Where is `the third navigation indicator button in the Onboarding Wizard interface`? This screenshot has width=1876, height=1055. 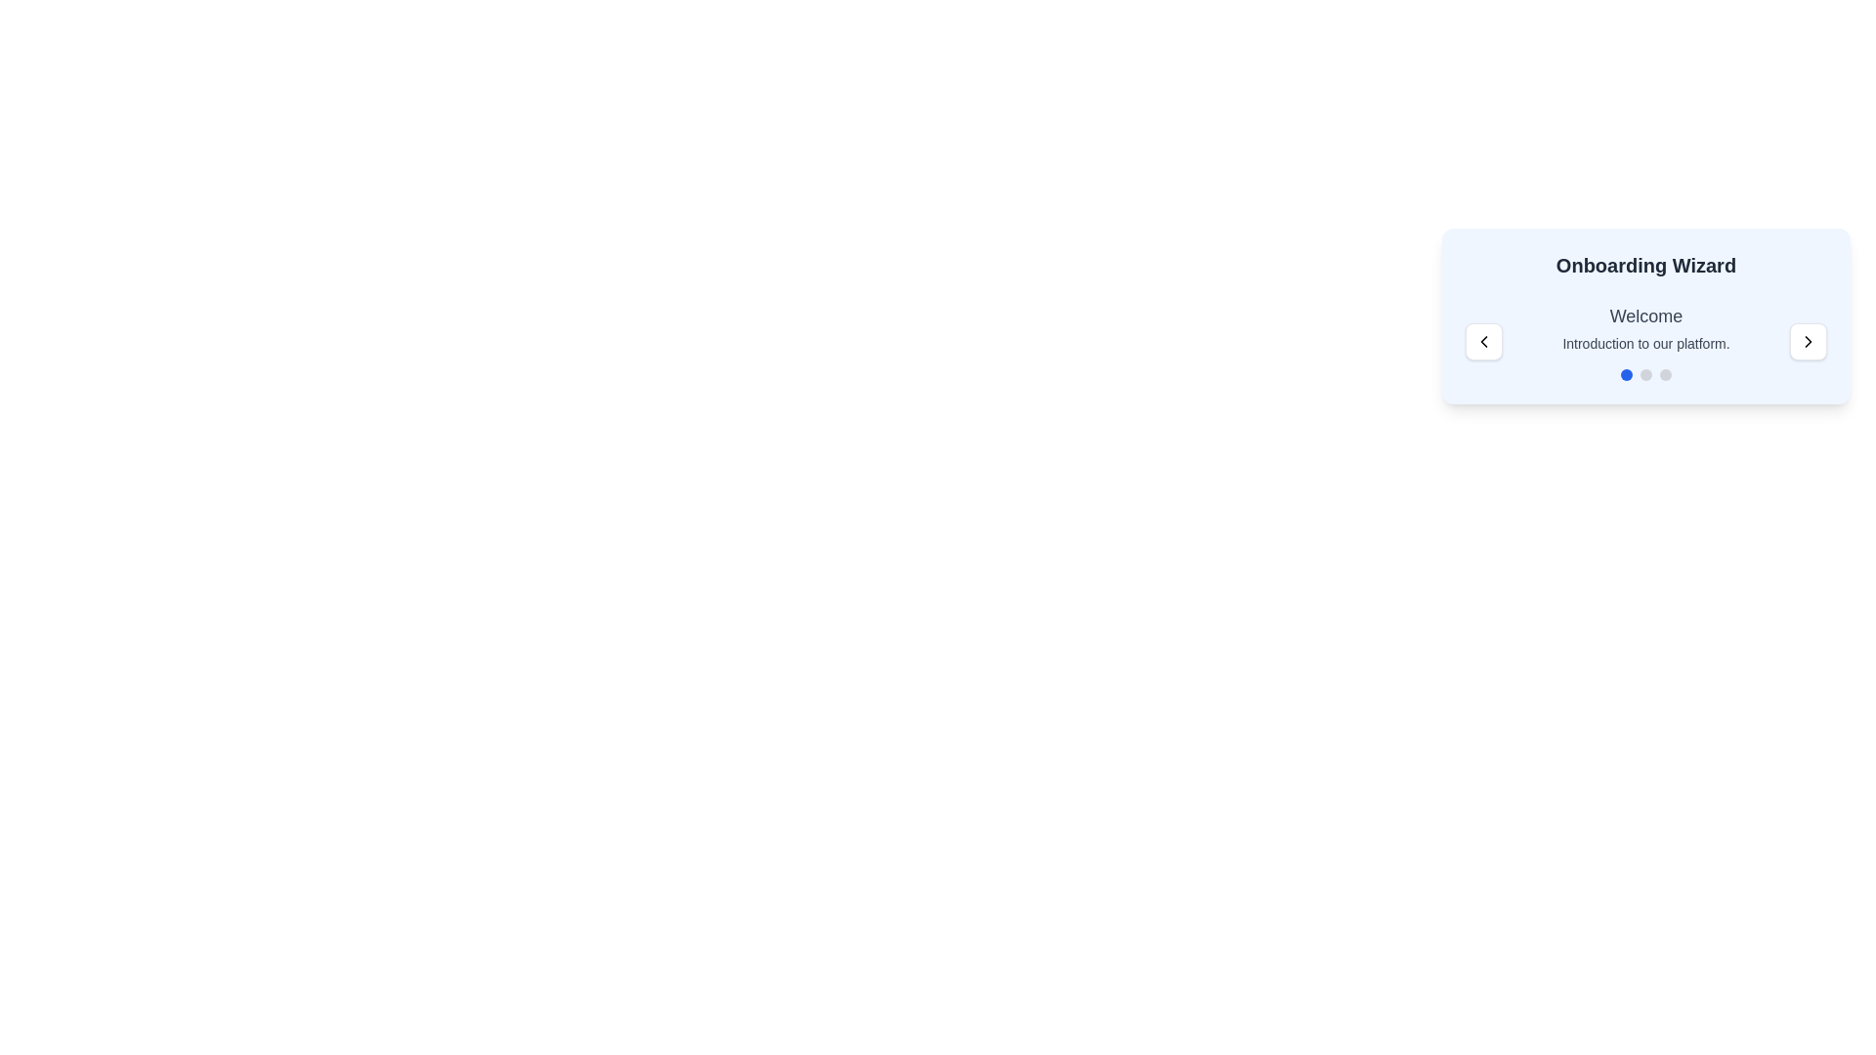 the third navigation indicator button in the Onboarding Wizard interface is located at coordinates (1664, 375).